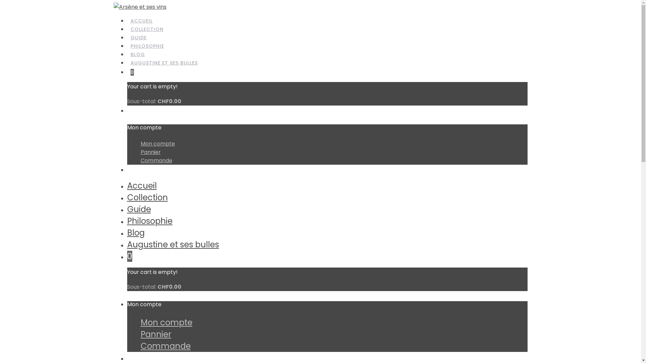 This screenshot has height=363, width=646. What do you see at coordinates (132, 73) in the screenshot?
I see `'0'` at bounding box center [132, 73].